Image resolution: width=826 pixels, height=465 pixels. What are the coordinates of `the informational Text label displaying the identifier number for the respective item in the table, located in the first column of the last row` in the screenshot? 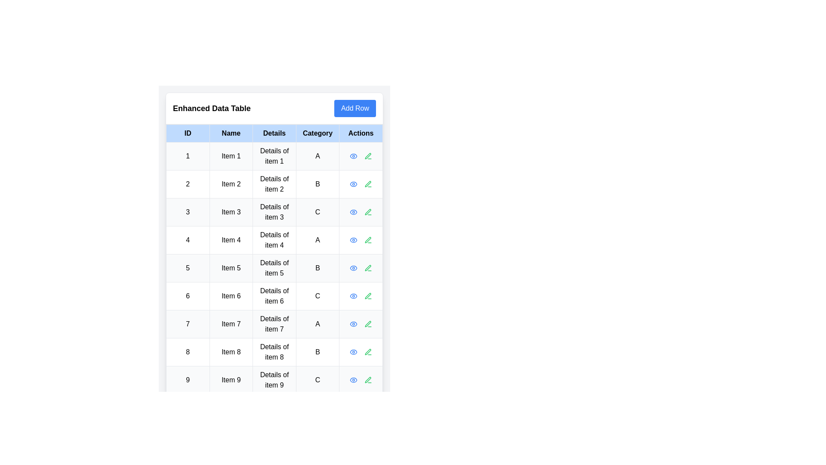 It's located at (187, 380).